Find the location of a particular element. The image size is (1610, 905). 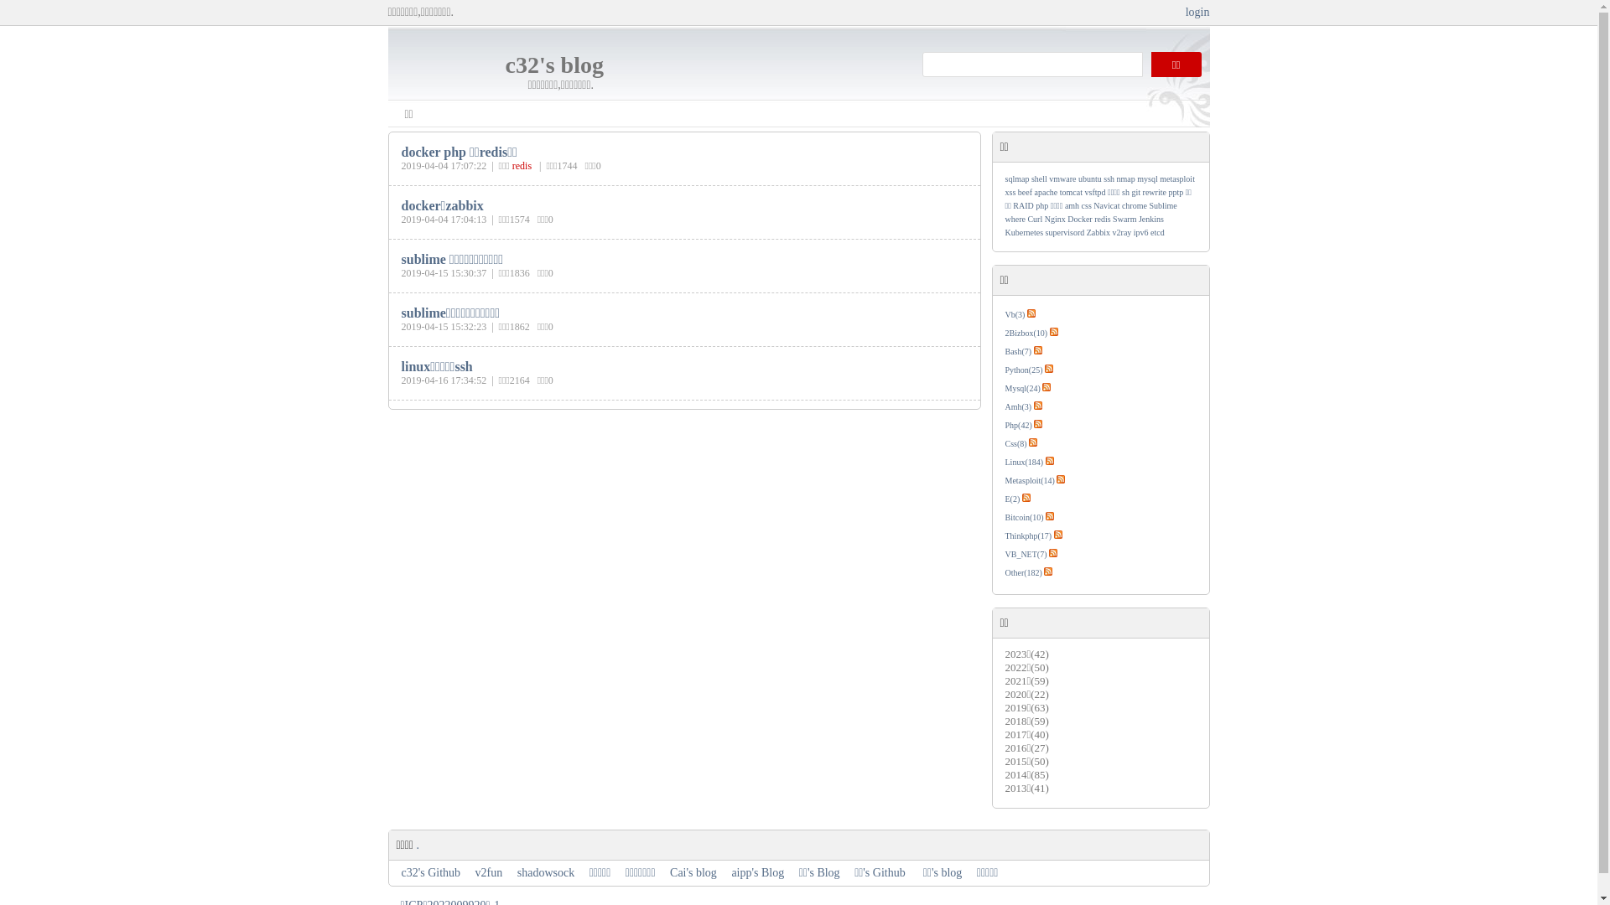

'aipp's Blog' is located at coordinates (756, 871).